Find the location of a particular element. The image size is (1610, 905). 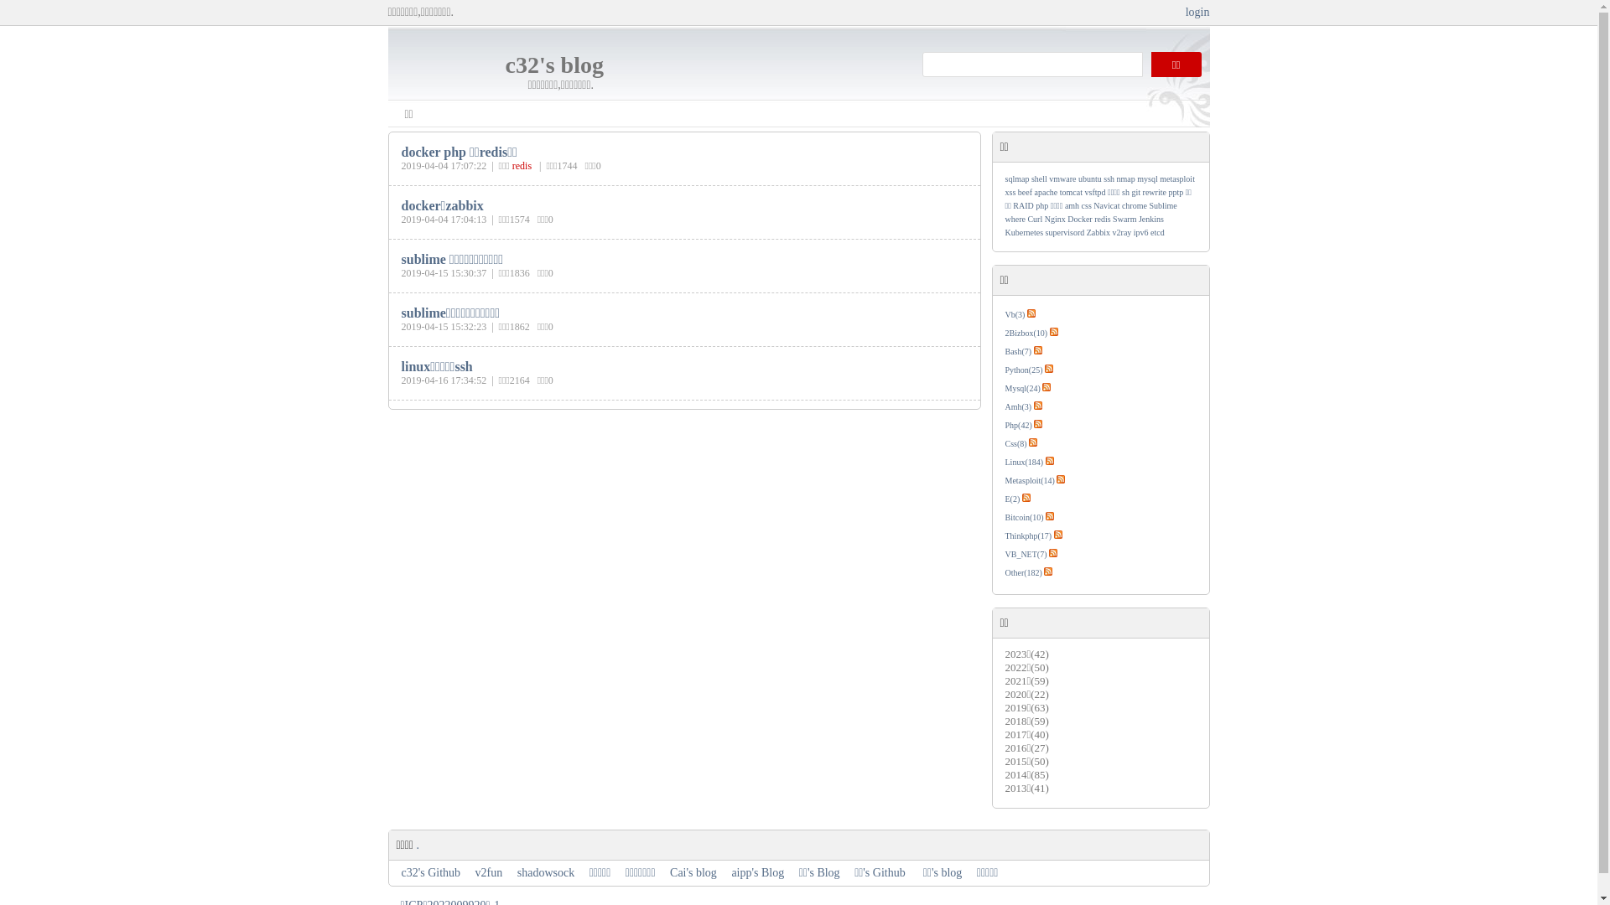

'aipp's Blog' is located at coordinates (756, 871).